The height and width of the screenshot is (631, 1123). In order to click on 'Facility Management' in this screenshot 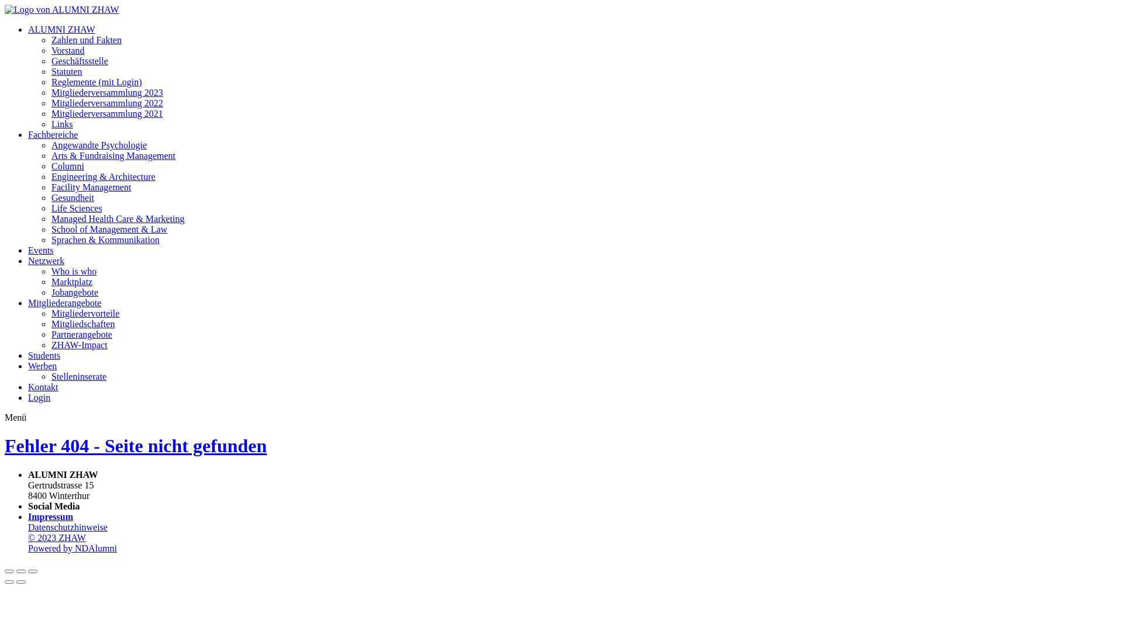, I will do `click(91, 186)`.